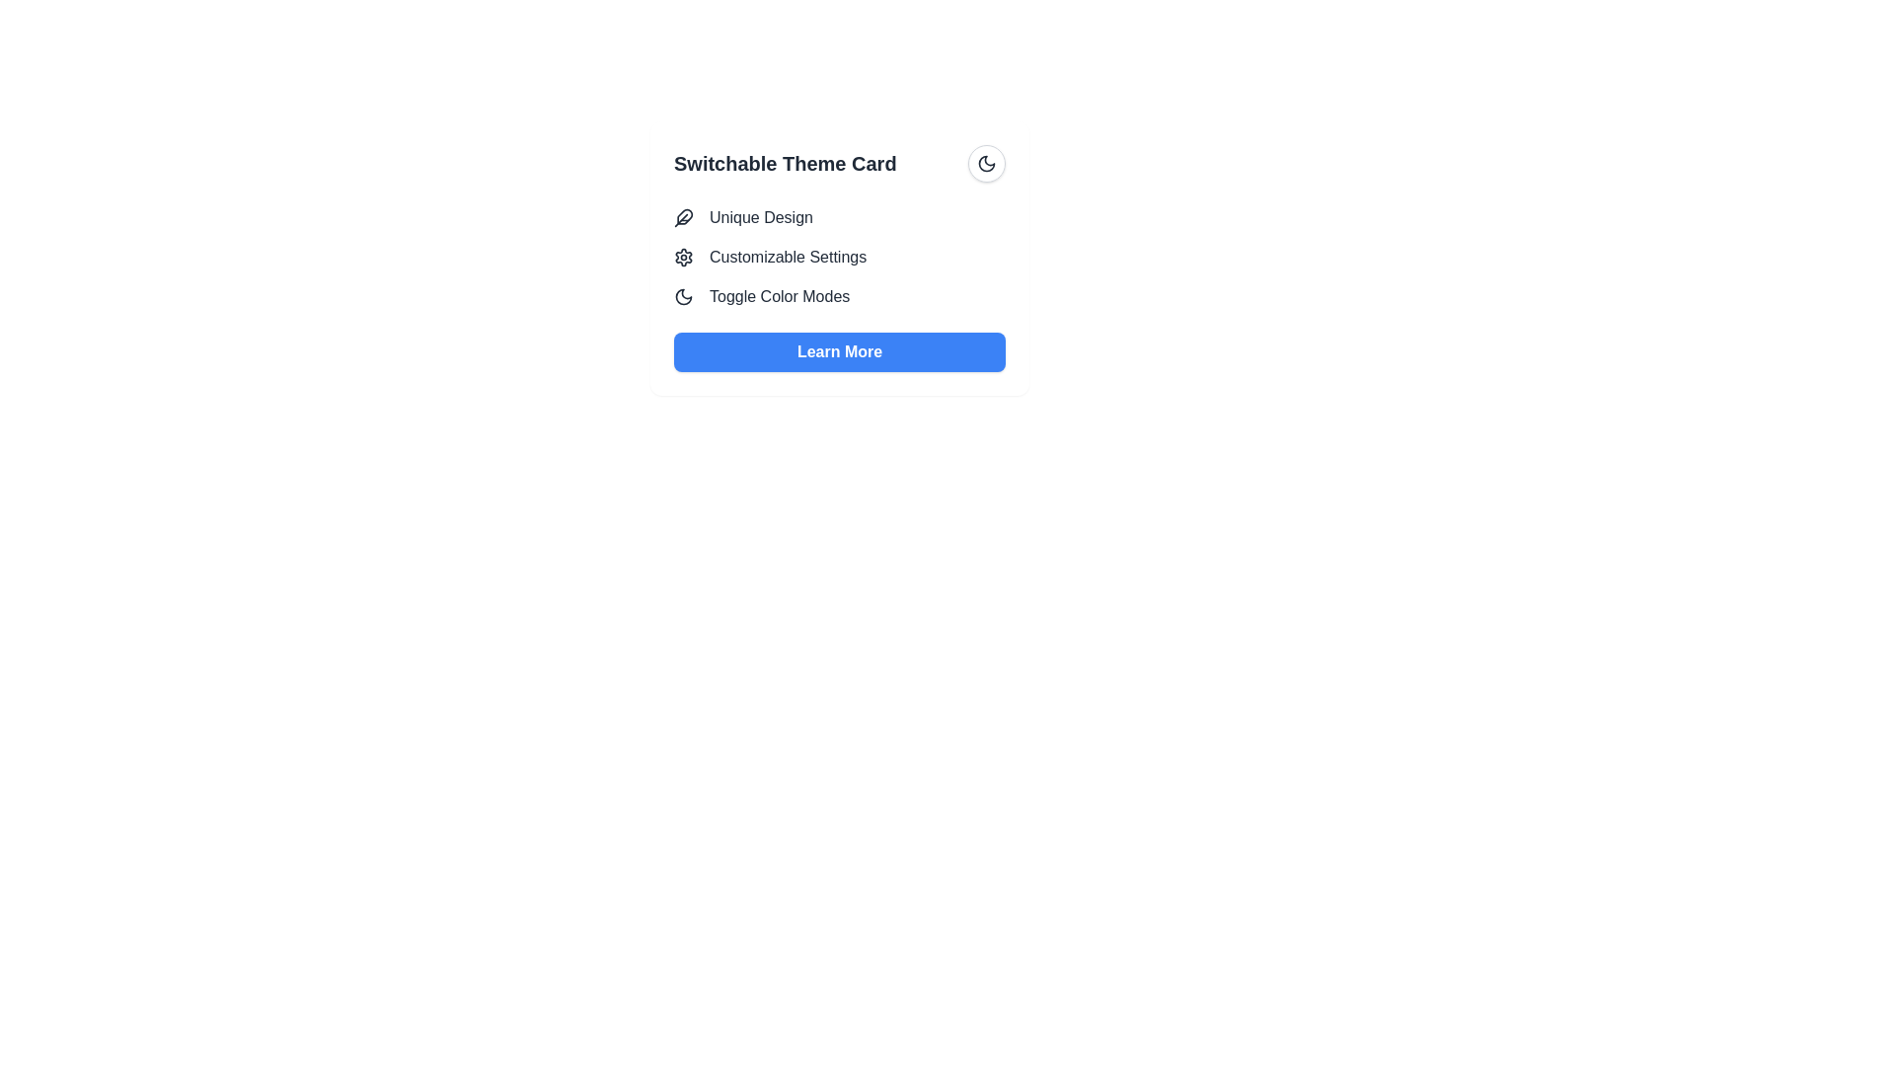 The height and width of the screenshot is (1066, 1895). What do you see at coordinates (683, 217) in the screenshot?
I see `the feather icon located to the left of the text 'Unique Design' in the 'Switchable Theme Card'` at bounding box center [683, 217].